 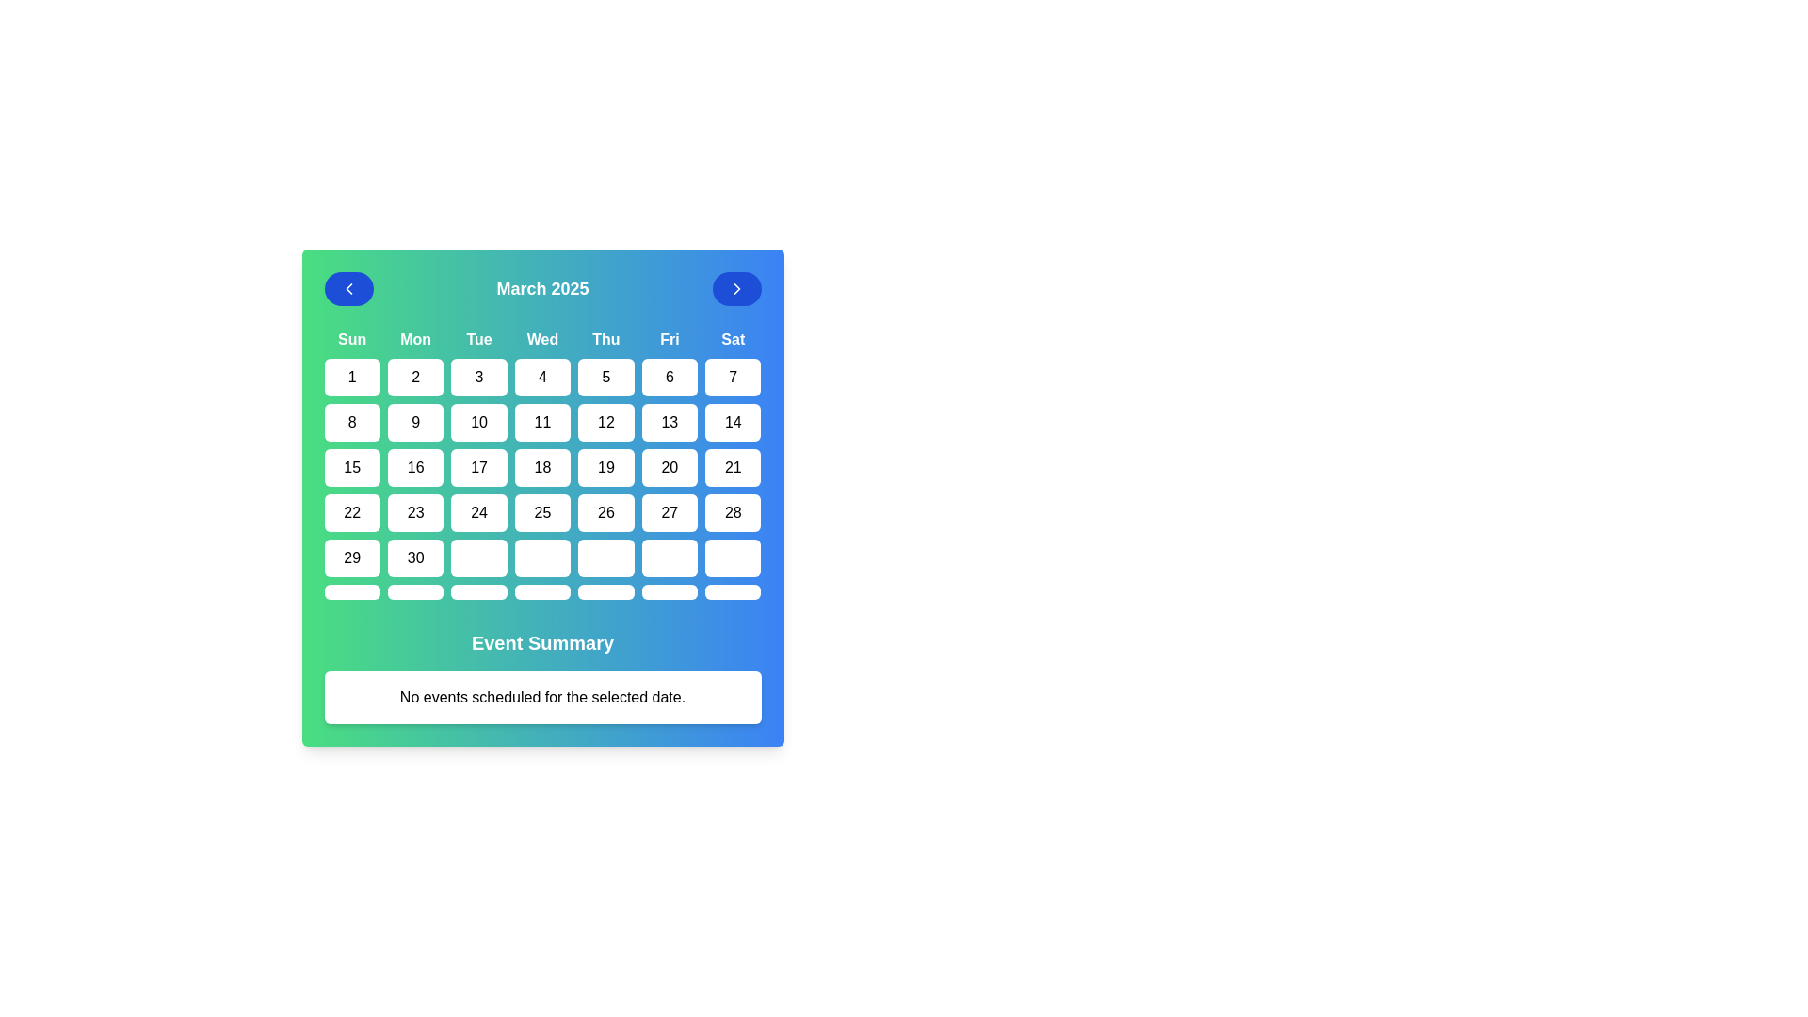 What do you see at coordinates (605, 378) in the screenshot?
I see `the button representing the 5th day in the calendar grid under the 'Thu' column` at bounding box center [605, 378].